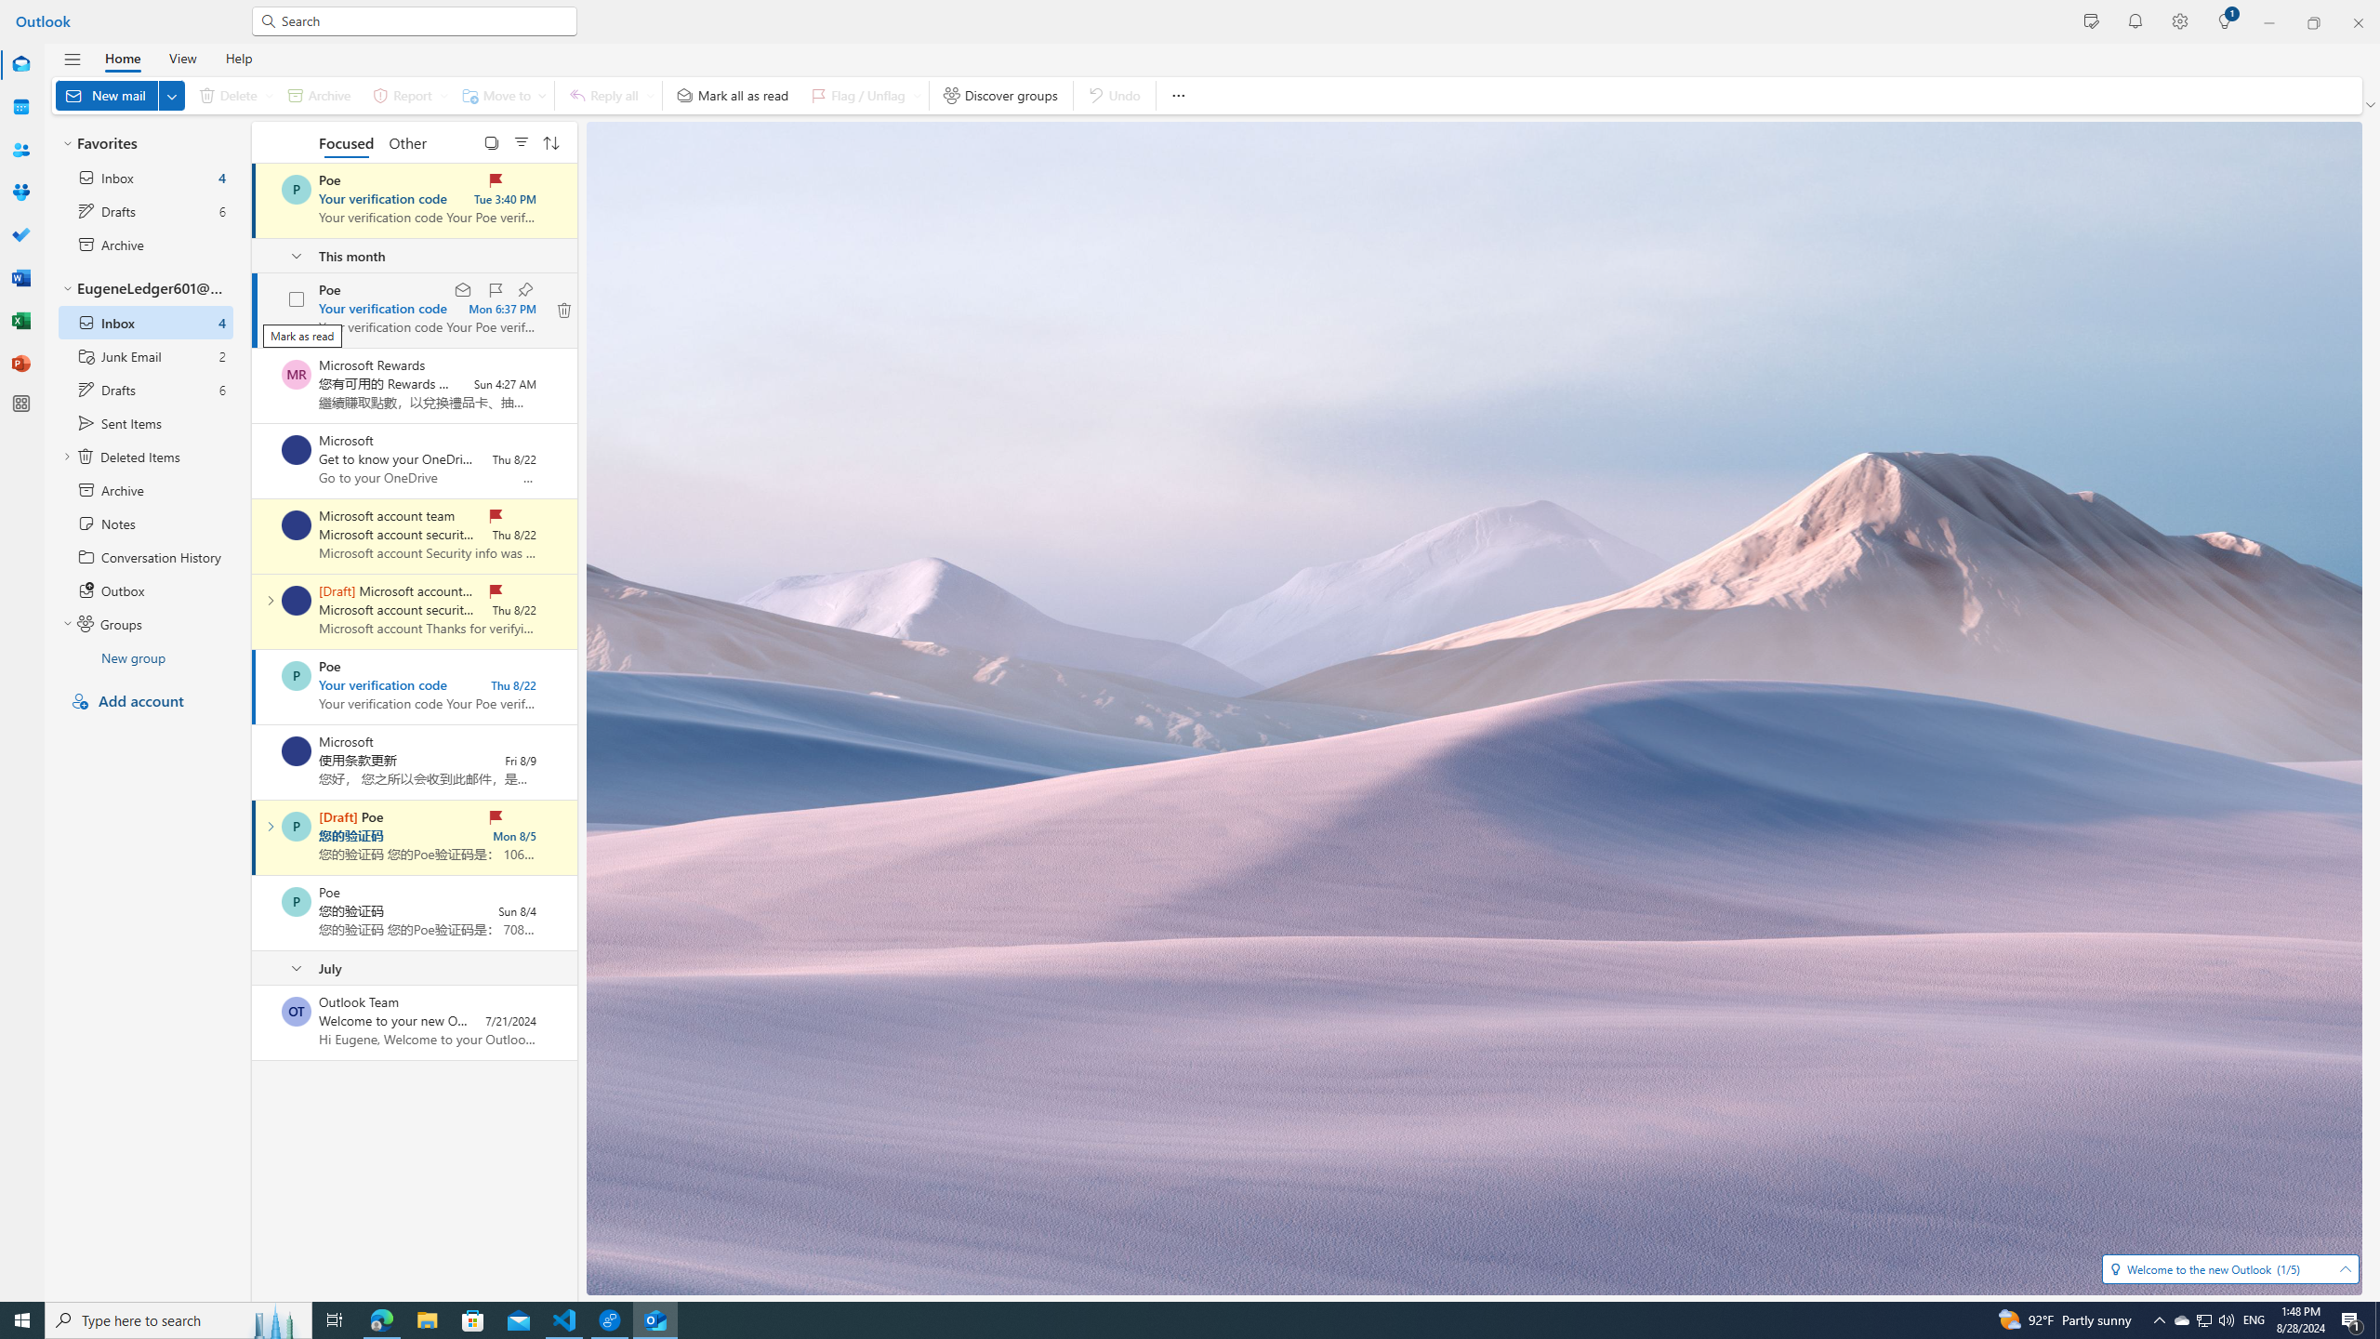  Describe the element at coordinates (443, 95) in the screenshot. I see `'Expand to see more report options'` at that location.